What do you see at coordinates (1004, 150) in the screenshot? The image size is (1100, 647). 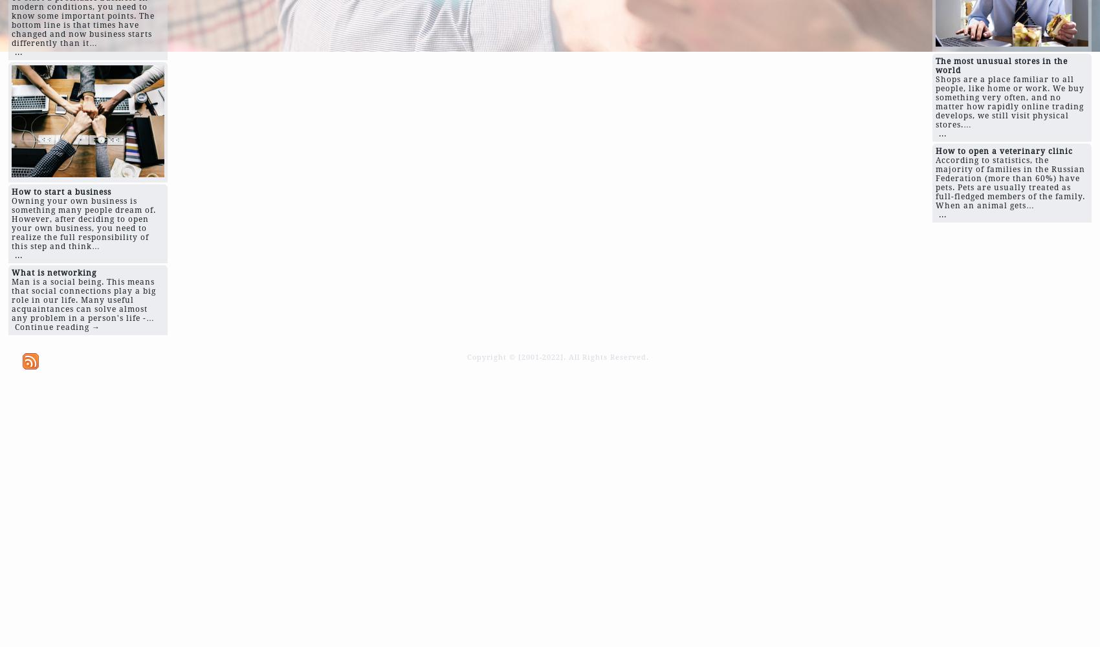 I see `'How to open a veterinary clinic'` at bounding box center [1004, 150].